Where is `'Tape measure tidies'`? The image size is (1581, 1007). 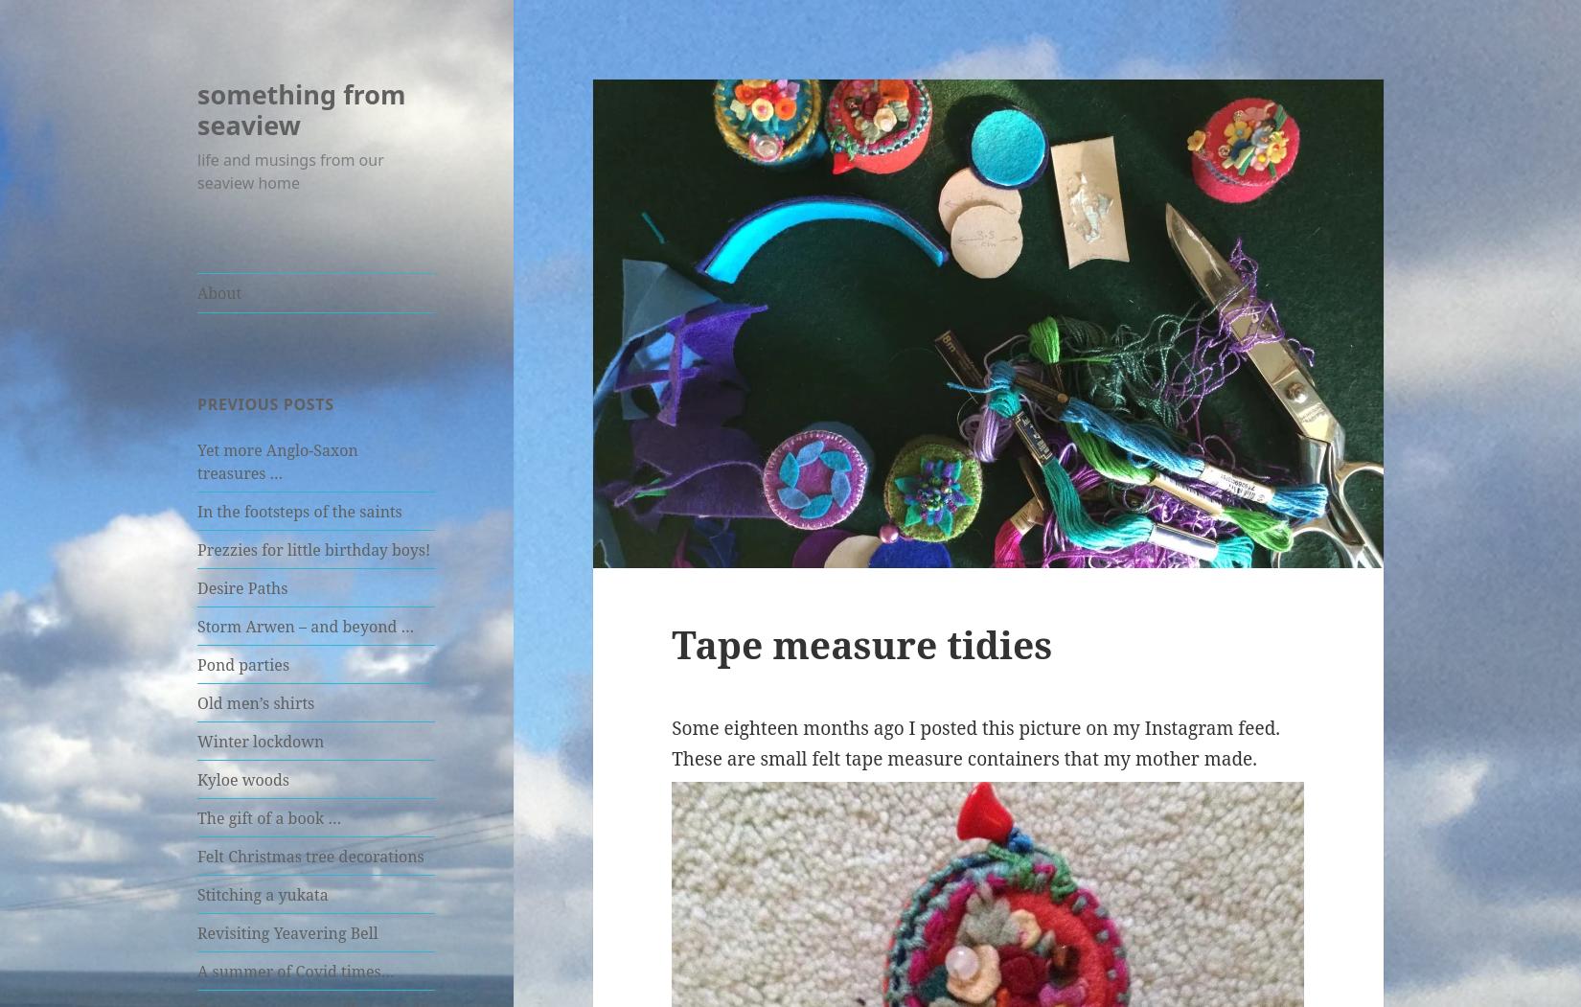
'Tape measure tidies' is located at coordinates (861, 643).